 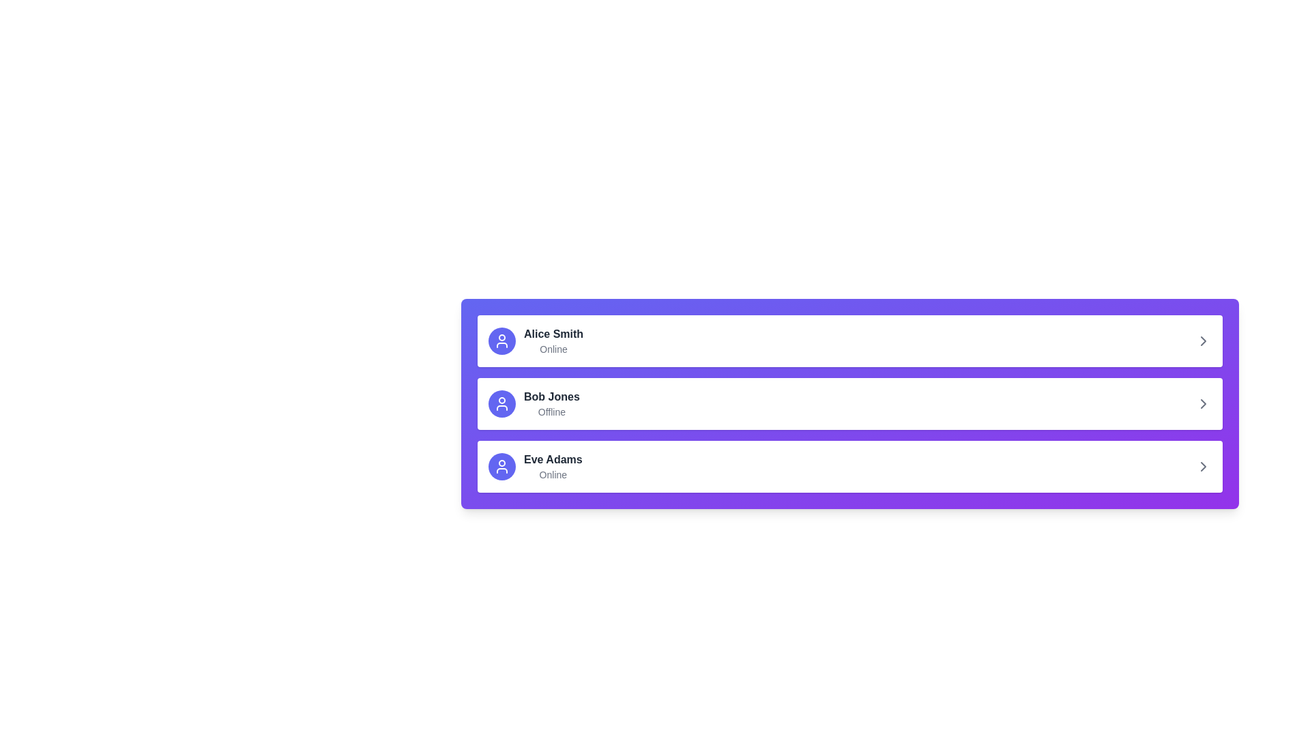 What do you see at coordinates (501, 403) in the screenshot?
I see `the user avatar icon located inside the indigo circle of the second item in the vertical list, which represents the profile picture for the user 'Bob Jones'` at bounding box center [501, 403].